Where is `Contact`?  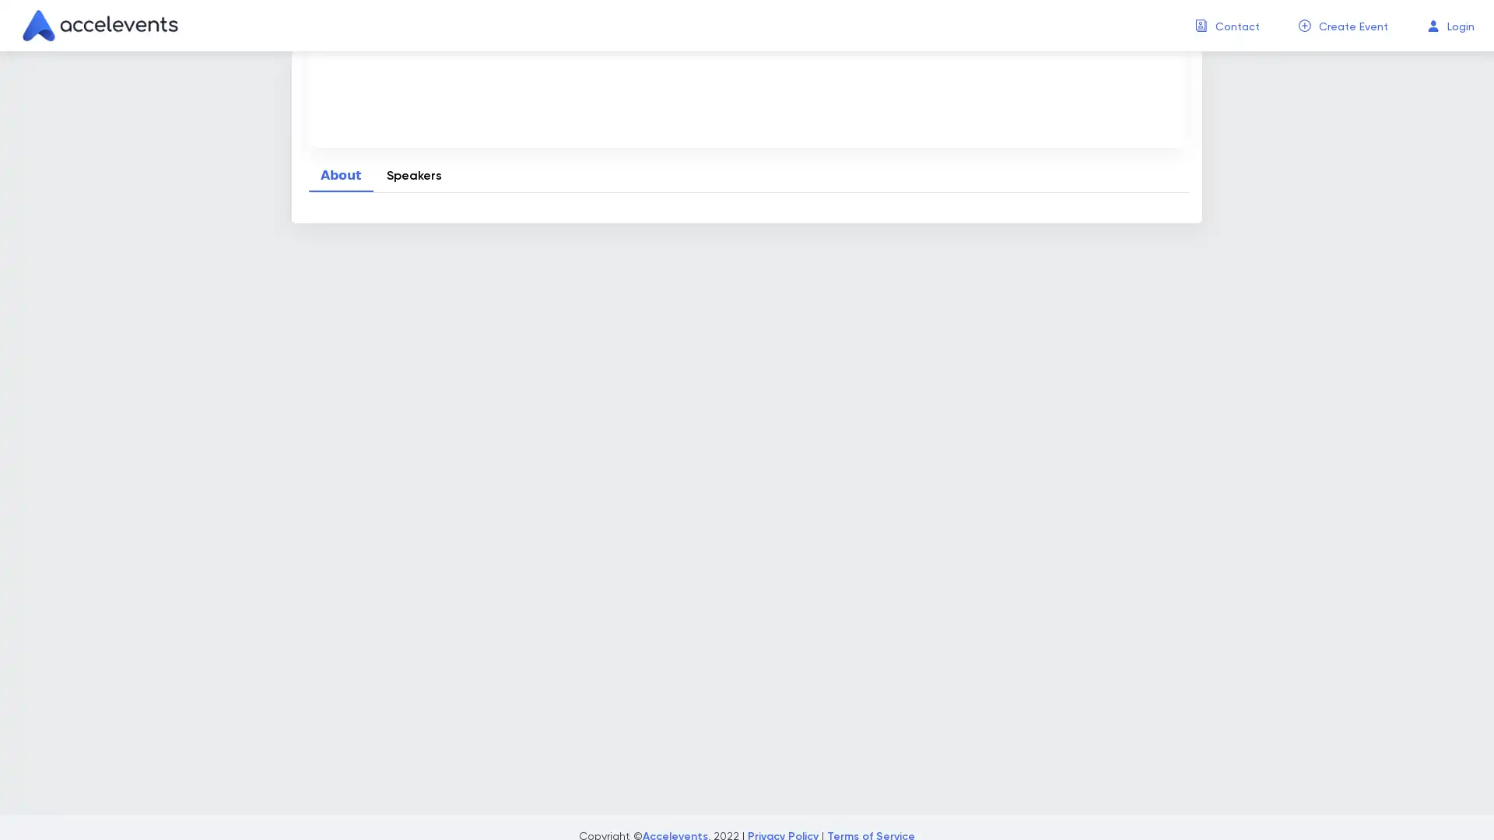 Contact is located at coordinates (1236, 26).